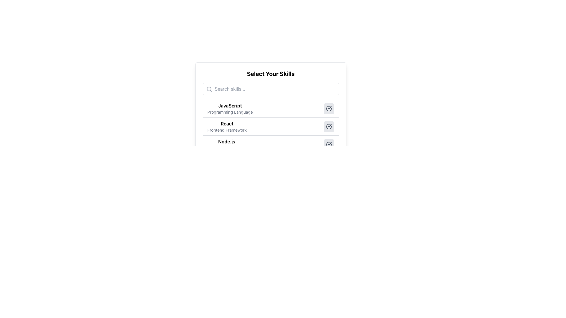  Describe the element at coordinates (209, 89) in the screenshot. I see `the search icon located on the left side of the input field, which visually indicates the search functionality of the input` at that location.